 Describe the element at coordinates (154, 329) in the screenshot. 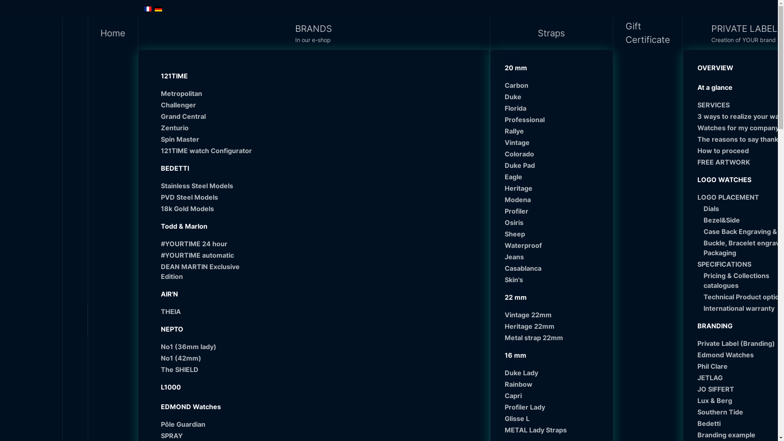

I see `'NEPTO'` at that location.